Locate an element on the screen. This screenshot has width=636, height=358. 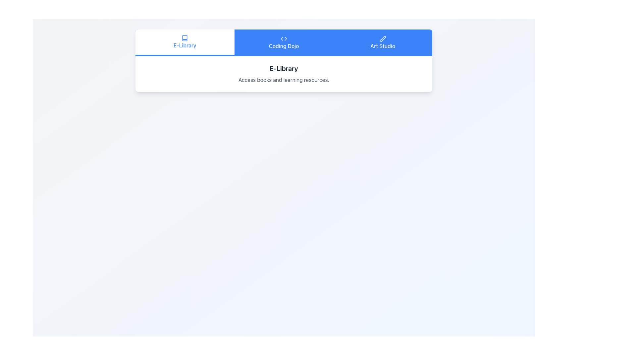
the brush icon located in the 'Art Studio' tab, which is a minimalistic stroke-based design in a 20x20 pixel area, positioned at the top-right corner of the highlighted navigation is located at coordinates (383, 38).